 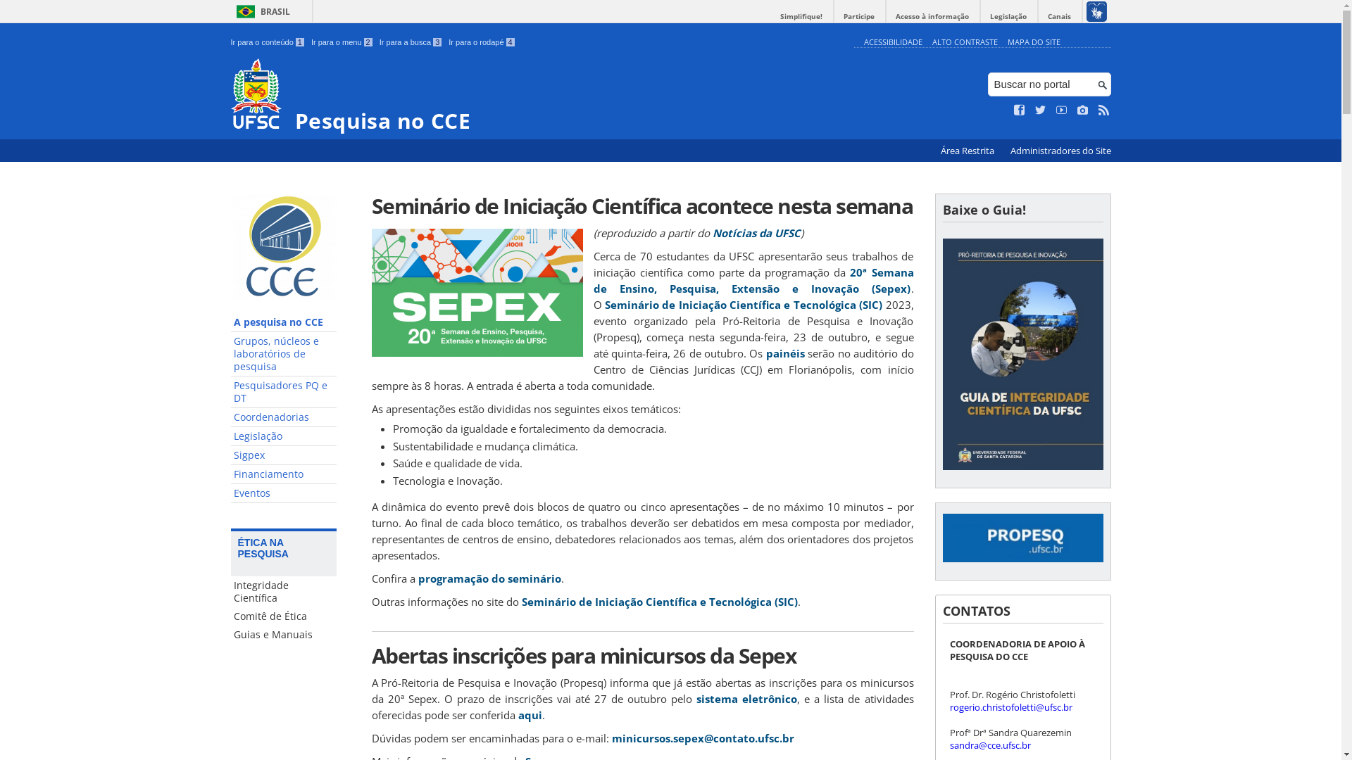 I want to click on 'Participe', so click(x=858, y=16).